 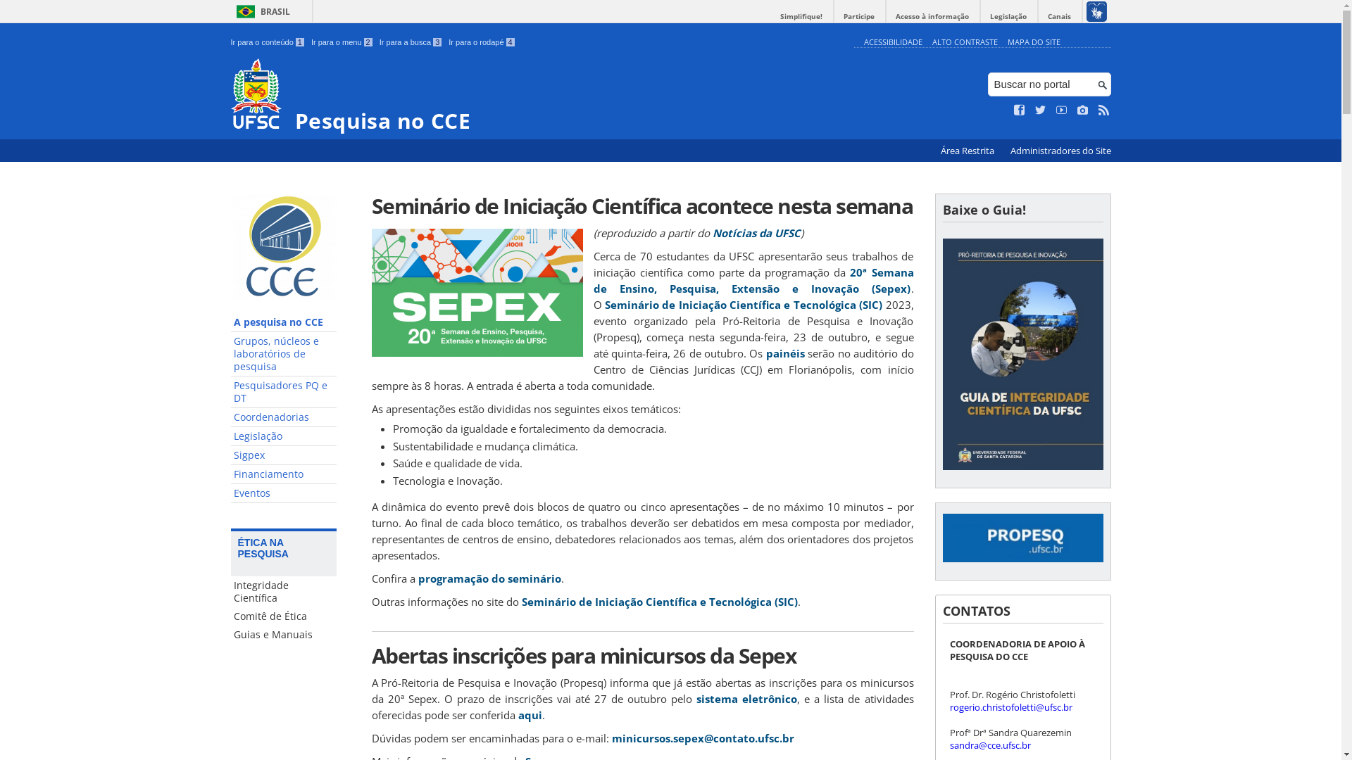 I want to click on 'Participe', so click(x=858, y=16).